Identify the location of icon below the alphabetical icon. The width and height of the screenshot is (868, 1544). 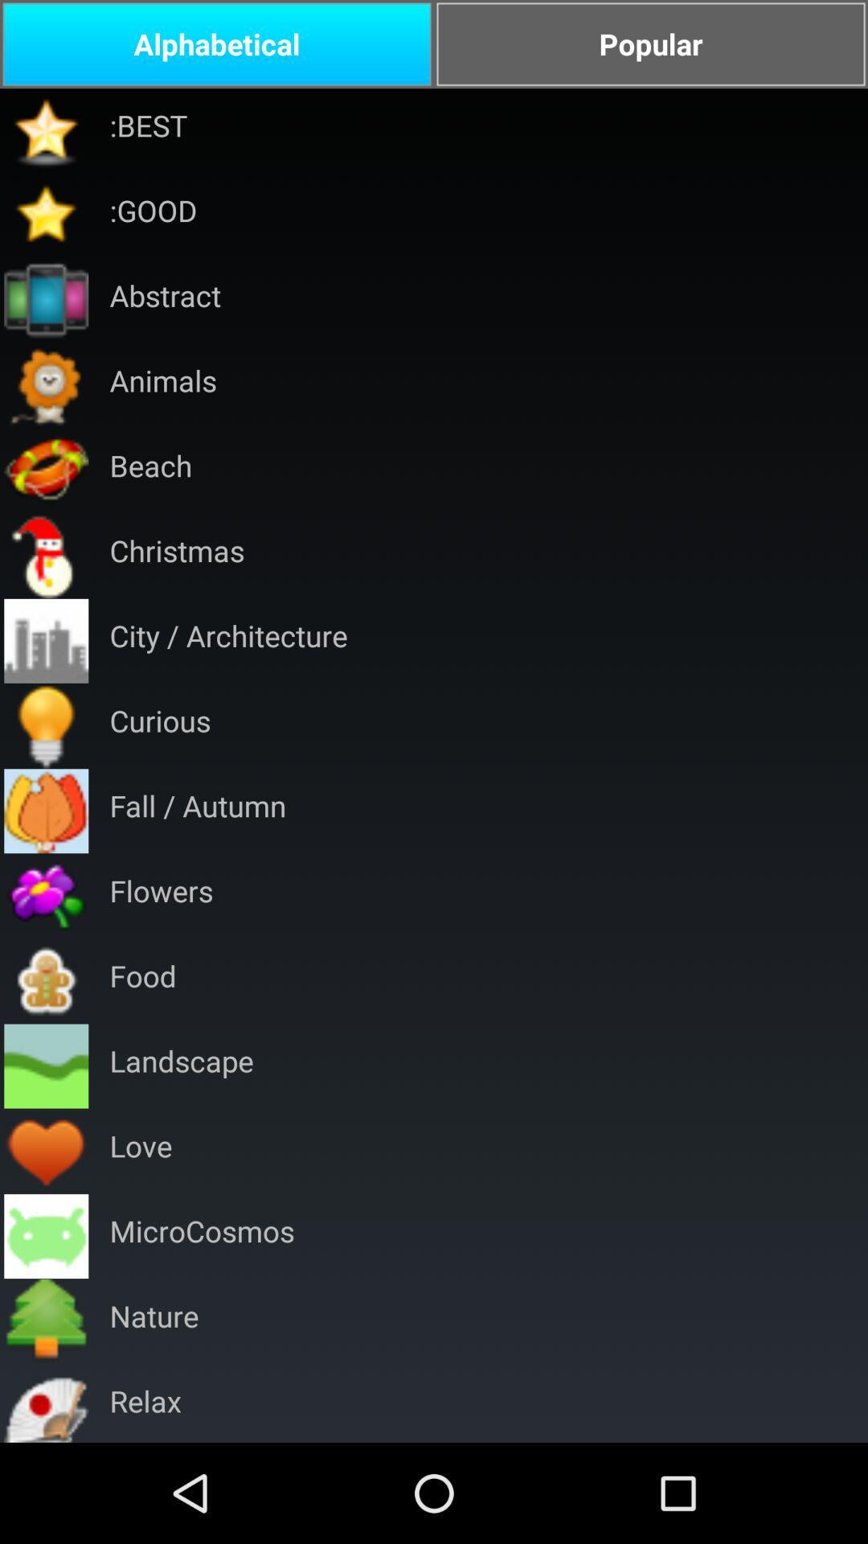
(148, 130).